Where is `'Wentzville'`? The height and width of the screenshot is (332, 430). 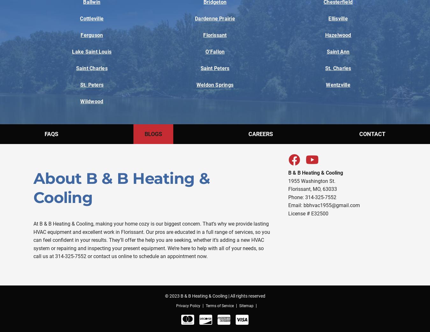
'Wentzville' is located at coordinates (338, 85).